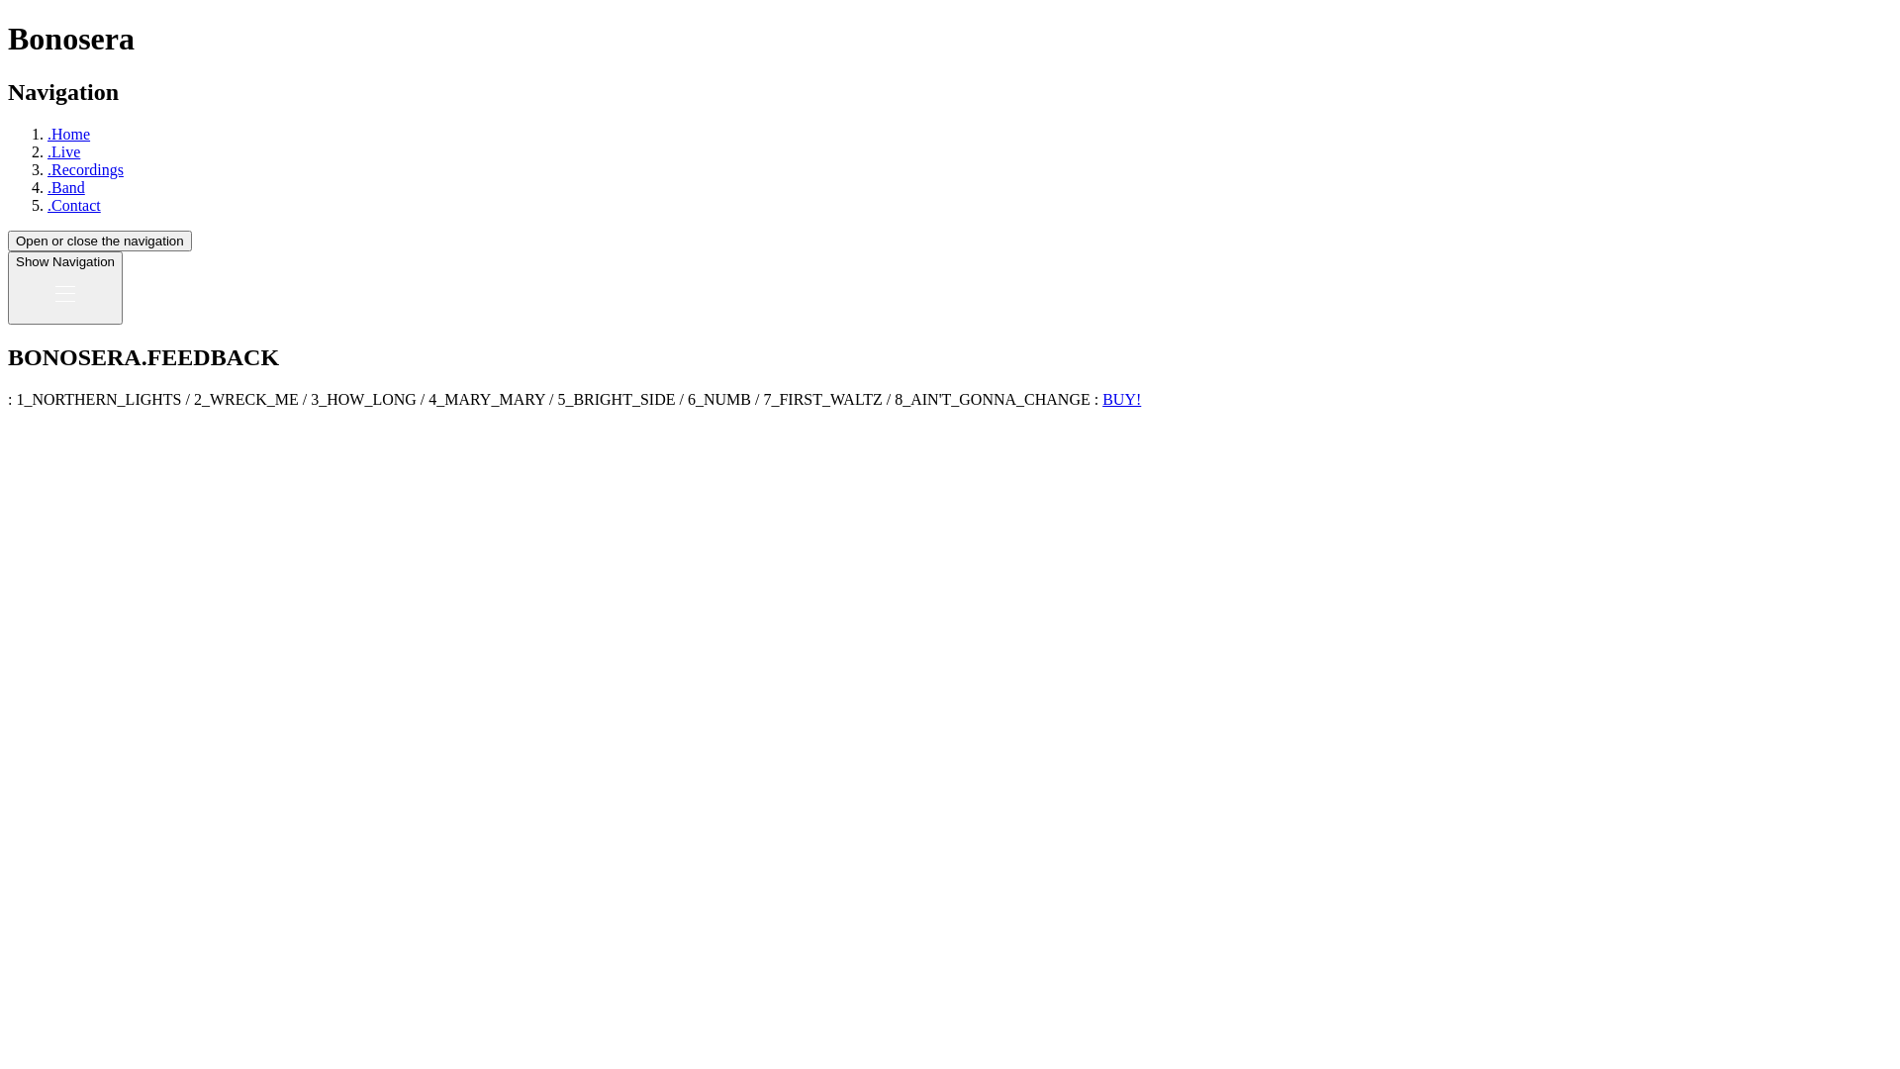 The width and height of the screenshot is (1900, 1069). Describe the element at coordinates (47, 205) in the screenshot. I see `'.Contact'` at that location.